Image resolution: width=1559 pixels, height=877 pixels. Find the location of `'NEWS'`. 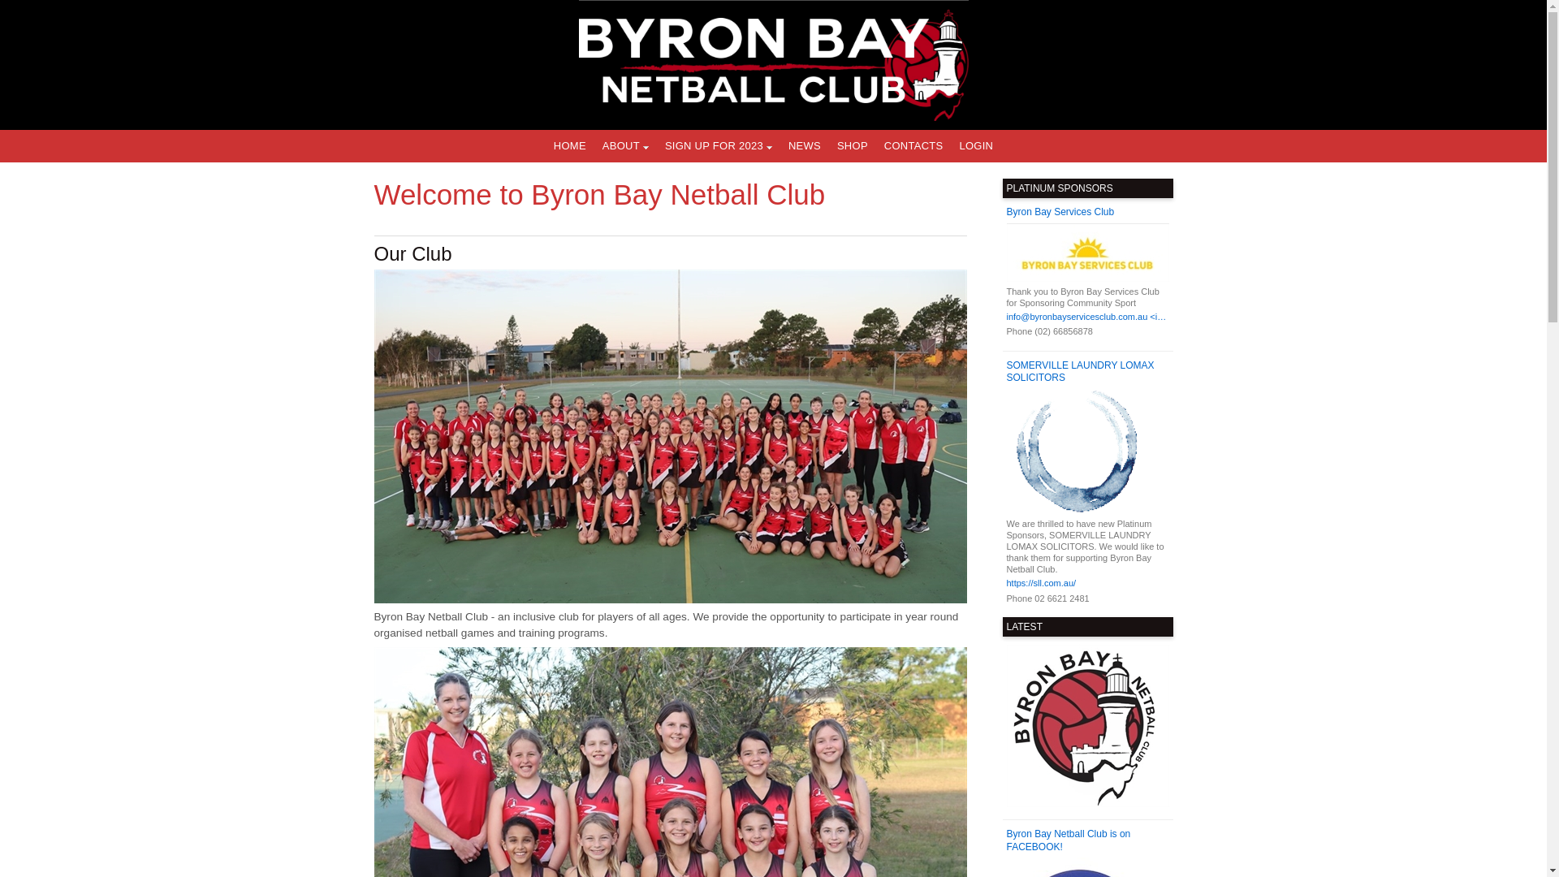

'NEWS' is located at coordinates (779, 146).